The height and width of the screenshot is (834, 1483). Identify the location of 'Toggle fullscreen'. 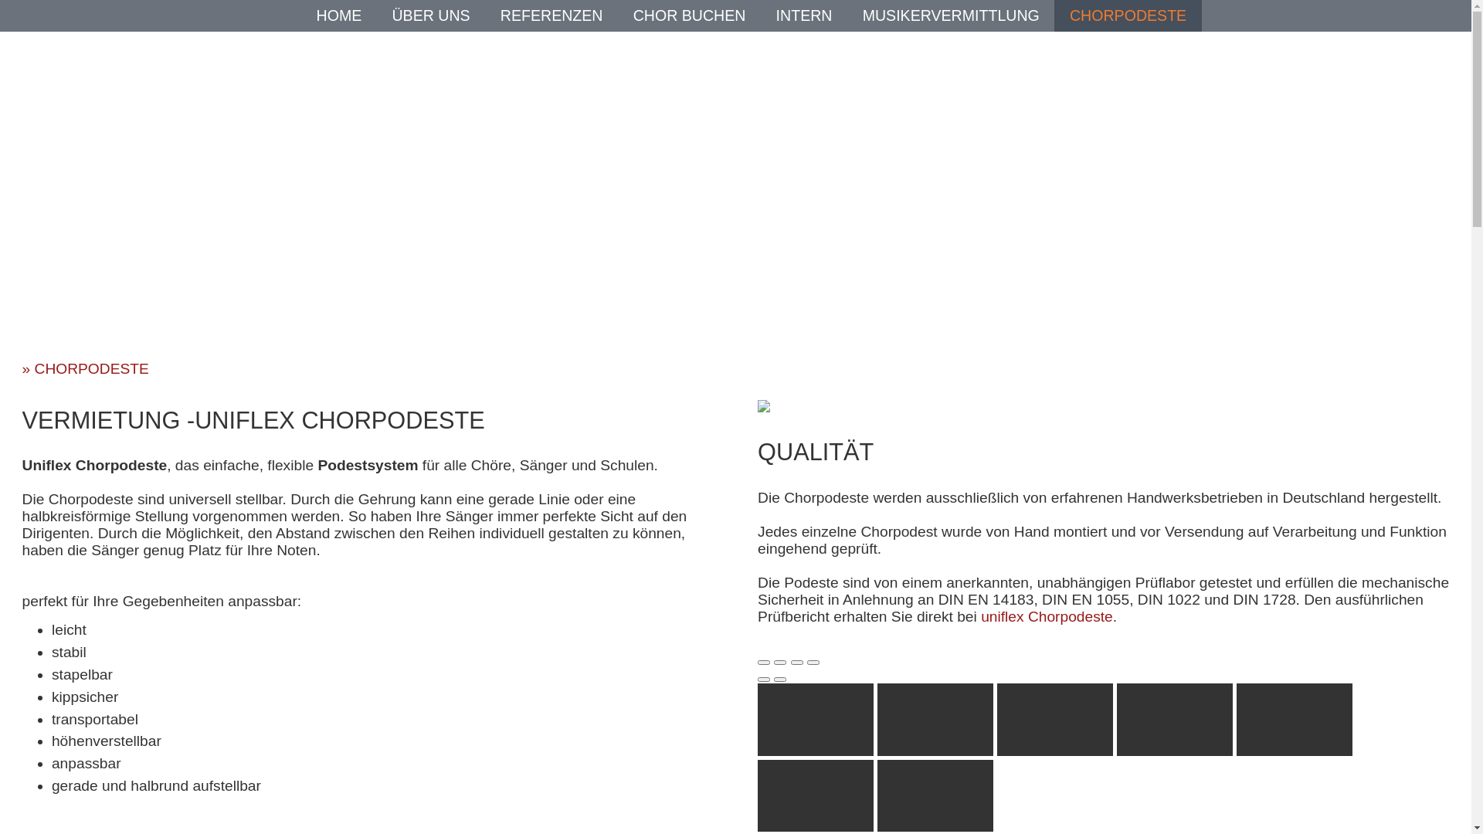
(790, 661).